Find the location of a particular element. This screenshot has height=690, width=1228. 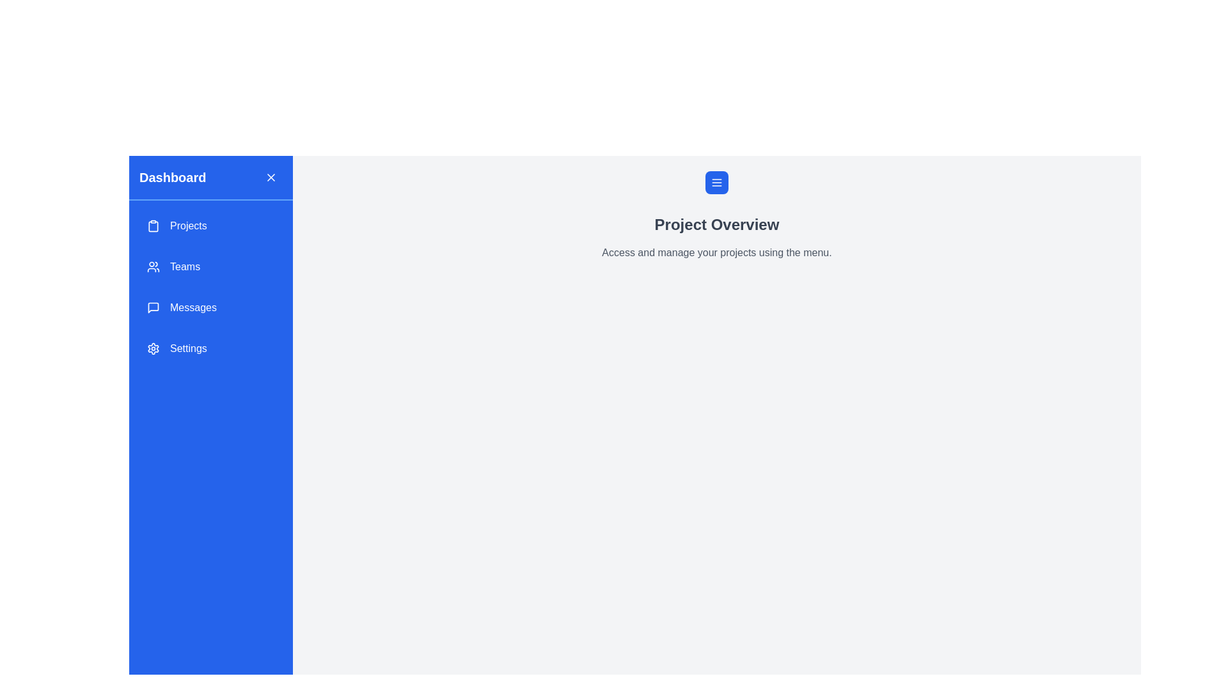

the 'Dashboard' text label, which is styled in white on a blue background and serves as a key heading in the navigation panel is located at coordinates (172, 177).